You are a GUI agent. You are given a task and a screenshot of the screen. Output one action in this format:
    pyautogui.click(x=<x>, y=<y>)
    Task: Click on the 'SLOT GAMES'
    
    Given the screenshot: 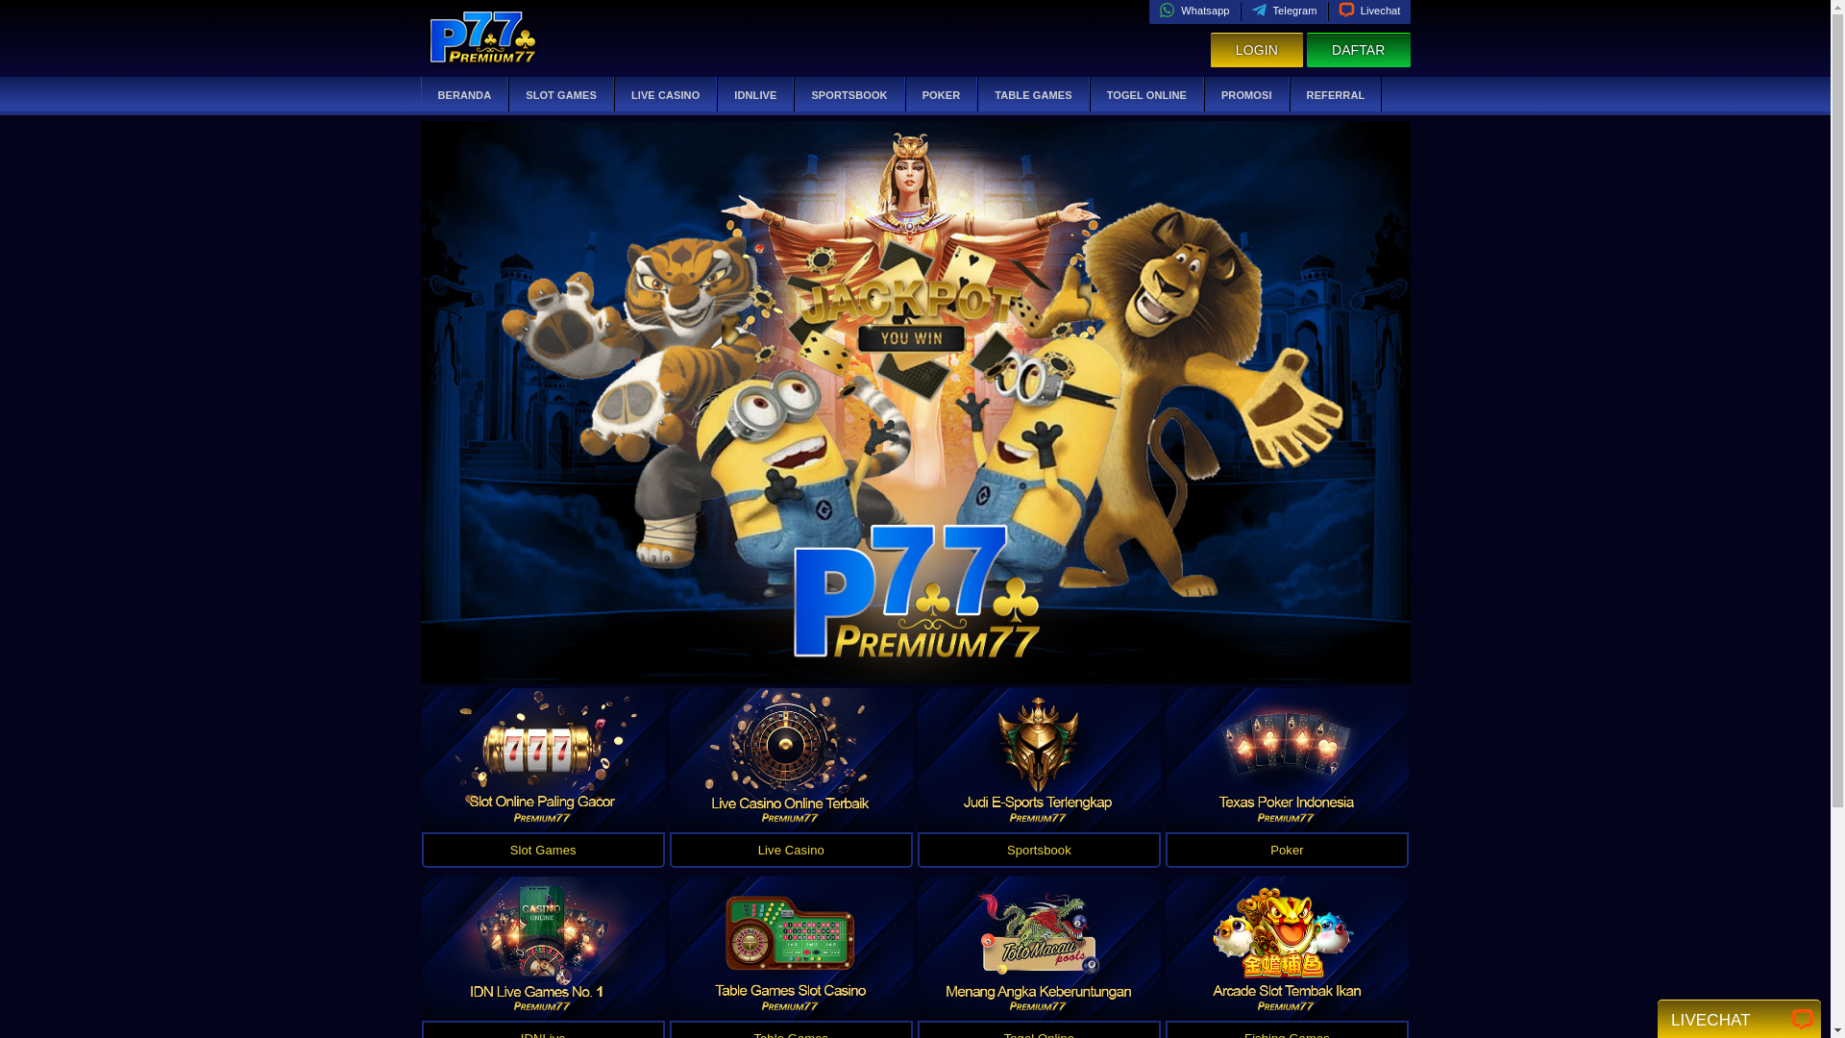 What is the action you would take?
    pyautogui.click(x=560, y=95)
    